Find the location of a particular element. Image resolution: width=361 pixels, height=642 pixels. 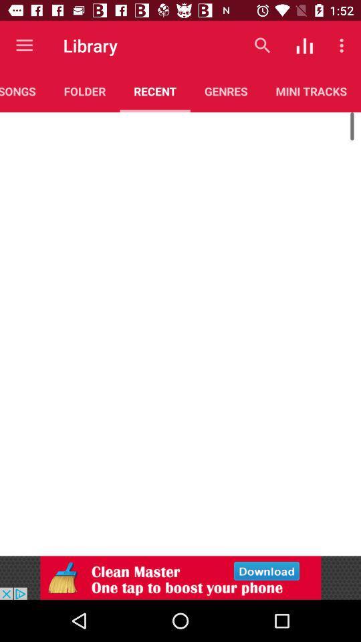

visit advertiser is located at coordinates (180, 577).